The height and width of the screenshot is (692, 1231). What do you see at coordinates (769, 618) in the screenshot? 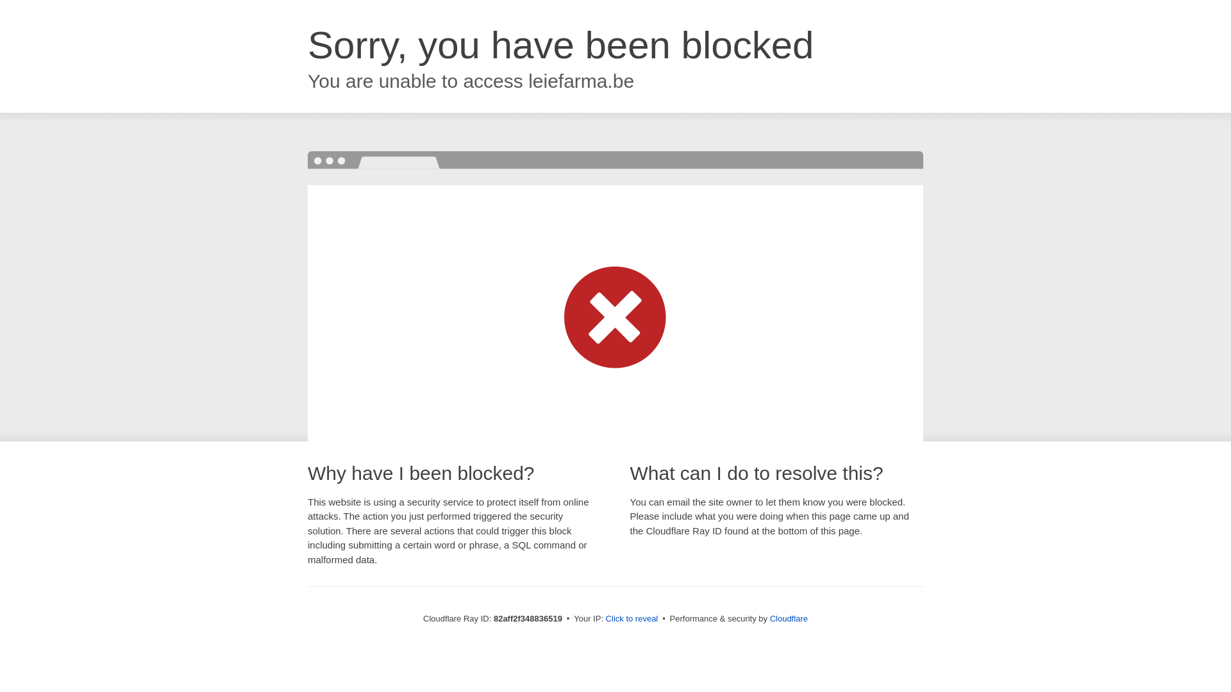
I see `'Cloudflare'` at bounding box center [769, 618].